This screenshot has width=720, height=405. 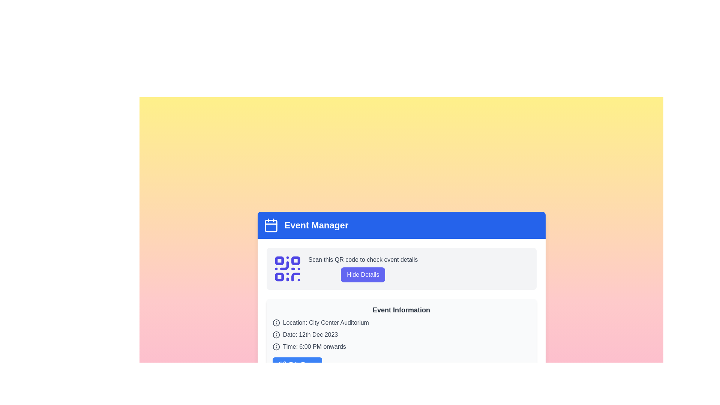 What do you see at coordinates (270, 225) in the screenshot?
I see `the Event Manager icon represented by a calendar symbol, located on the left side of the blue bar at the top of the Event Manager section` at bounding box center [270, 225].